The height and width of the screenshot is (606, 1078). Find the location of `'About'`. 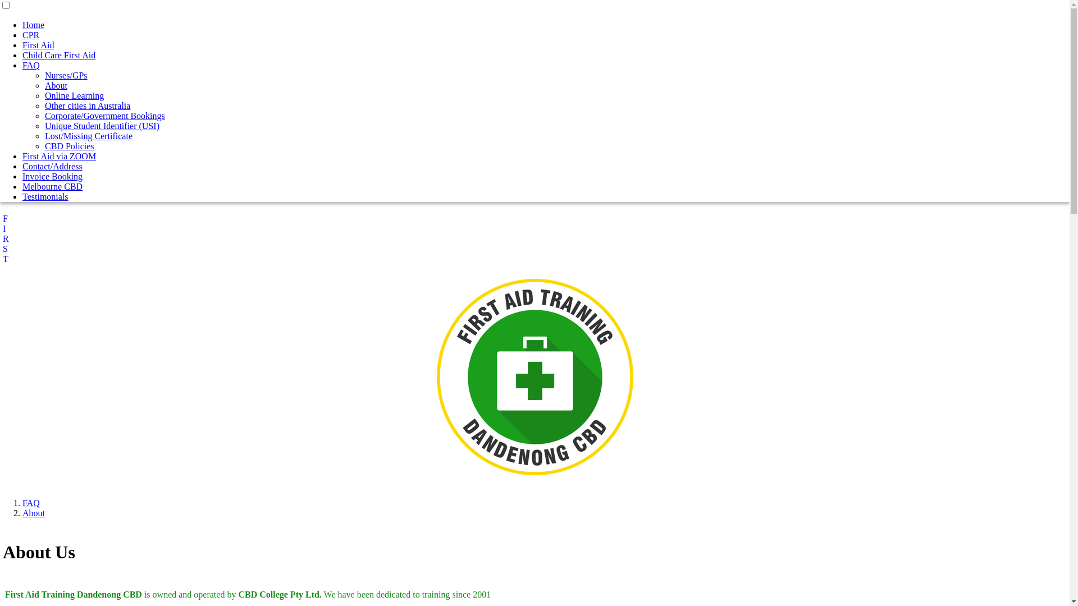

'About' is located at coordinates (56, 85).